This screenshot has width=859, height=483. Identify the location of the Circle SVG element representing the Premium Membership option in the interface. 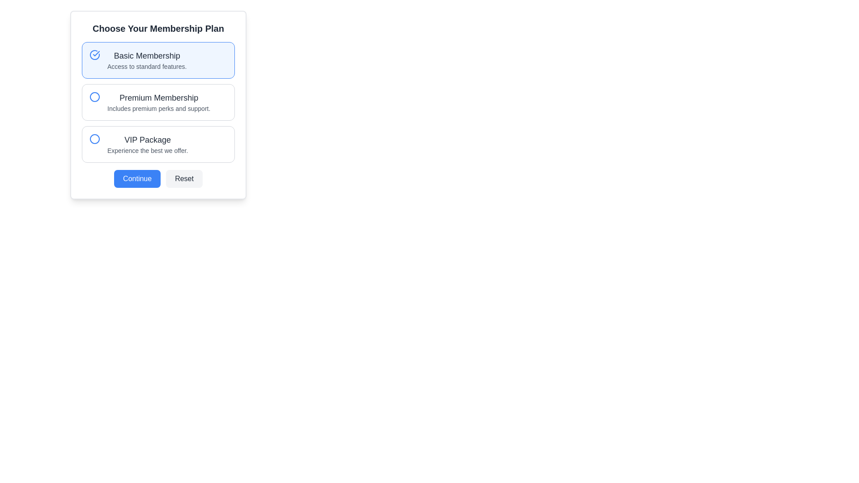
(94, 97).